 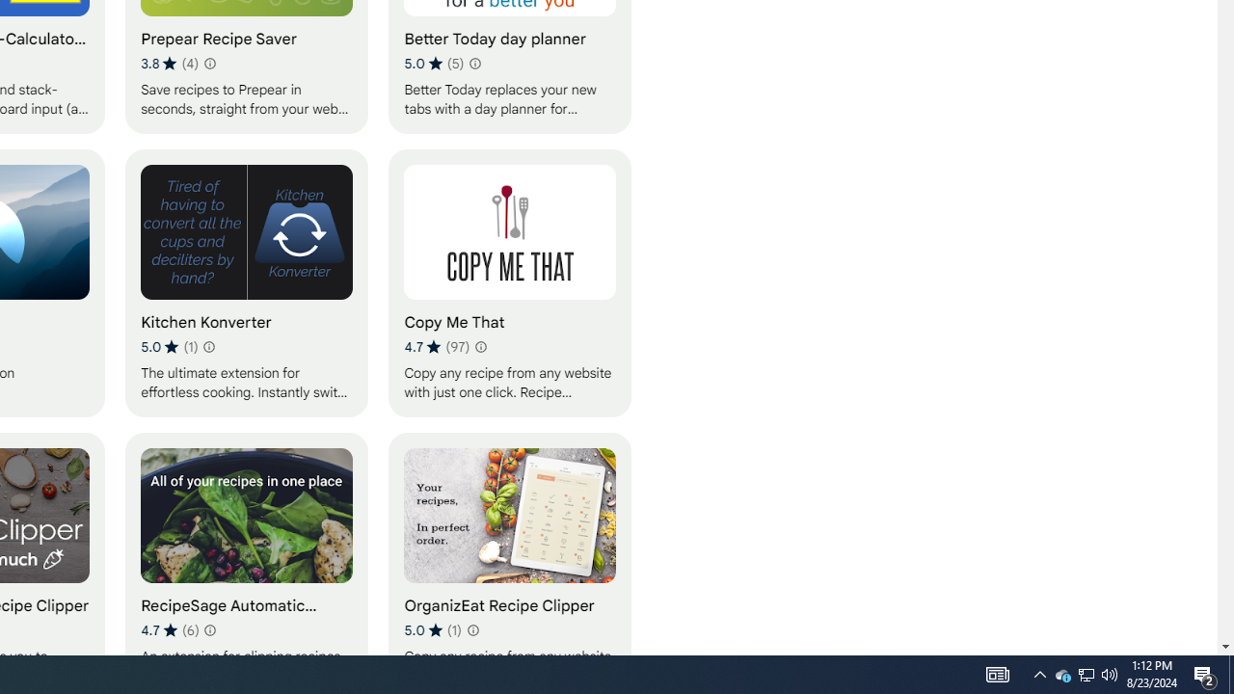 I want to click on 'Copy Me That', so click(x=510, y=282).